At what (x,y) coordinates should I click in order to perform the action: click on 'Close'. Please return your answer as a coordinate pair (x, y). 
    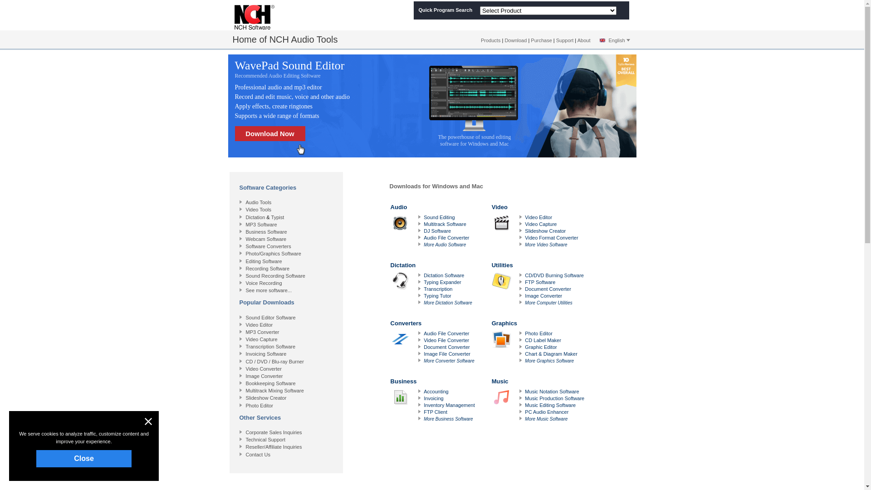
    Looking at the image, I should click on (84, 458).